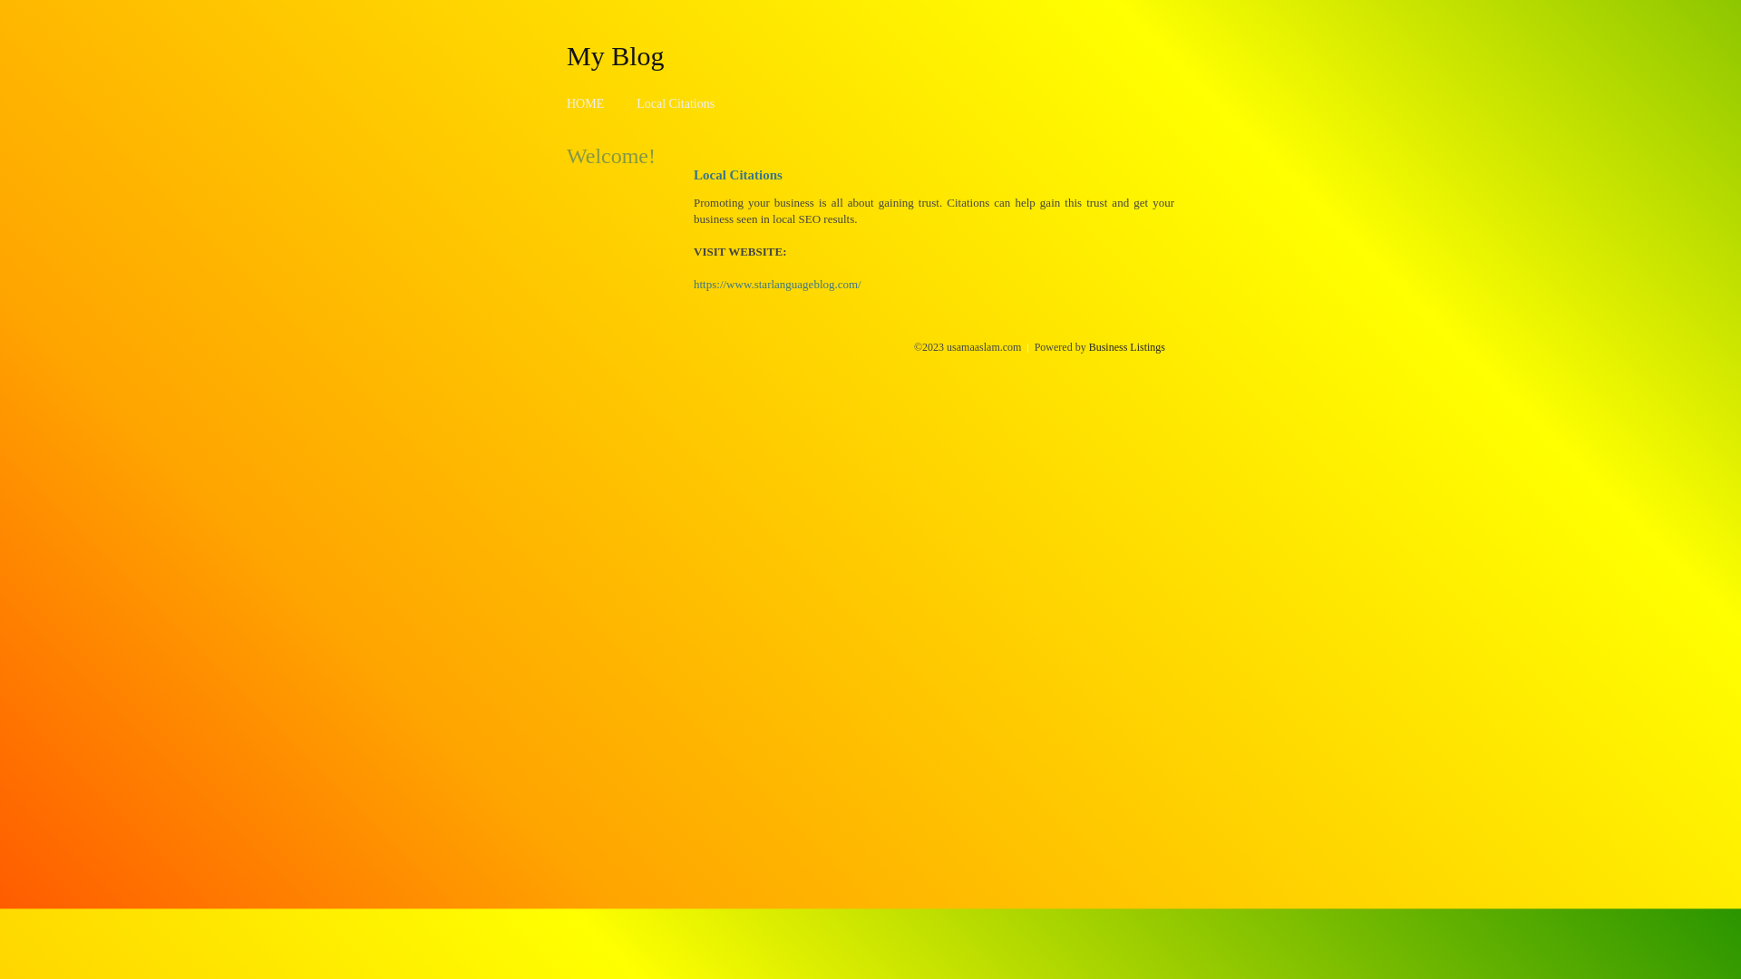 This screenshot has height=979, width=1741. I want to click on 'HOME', so click(565, 103).